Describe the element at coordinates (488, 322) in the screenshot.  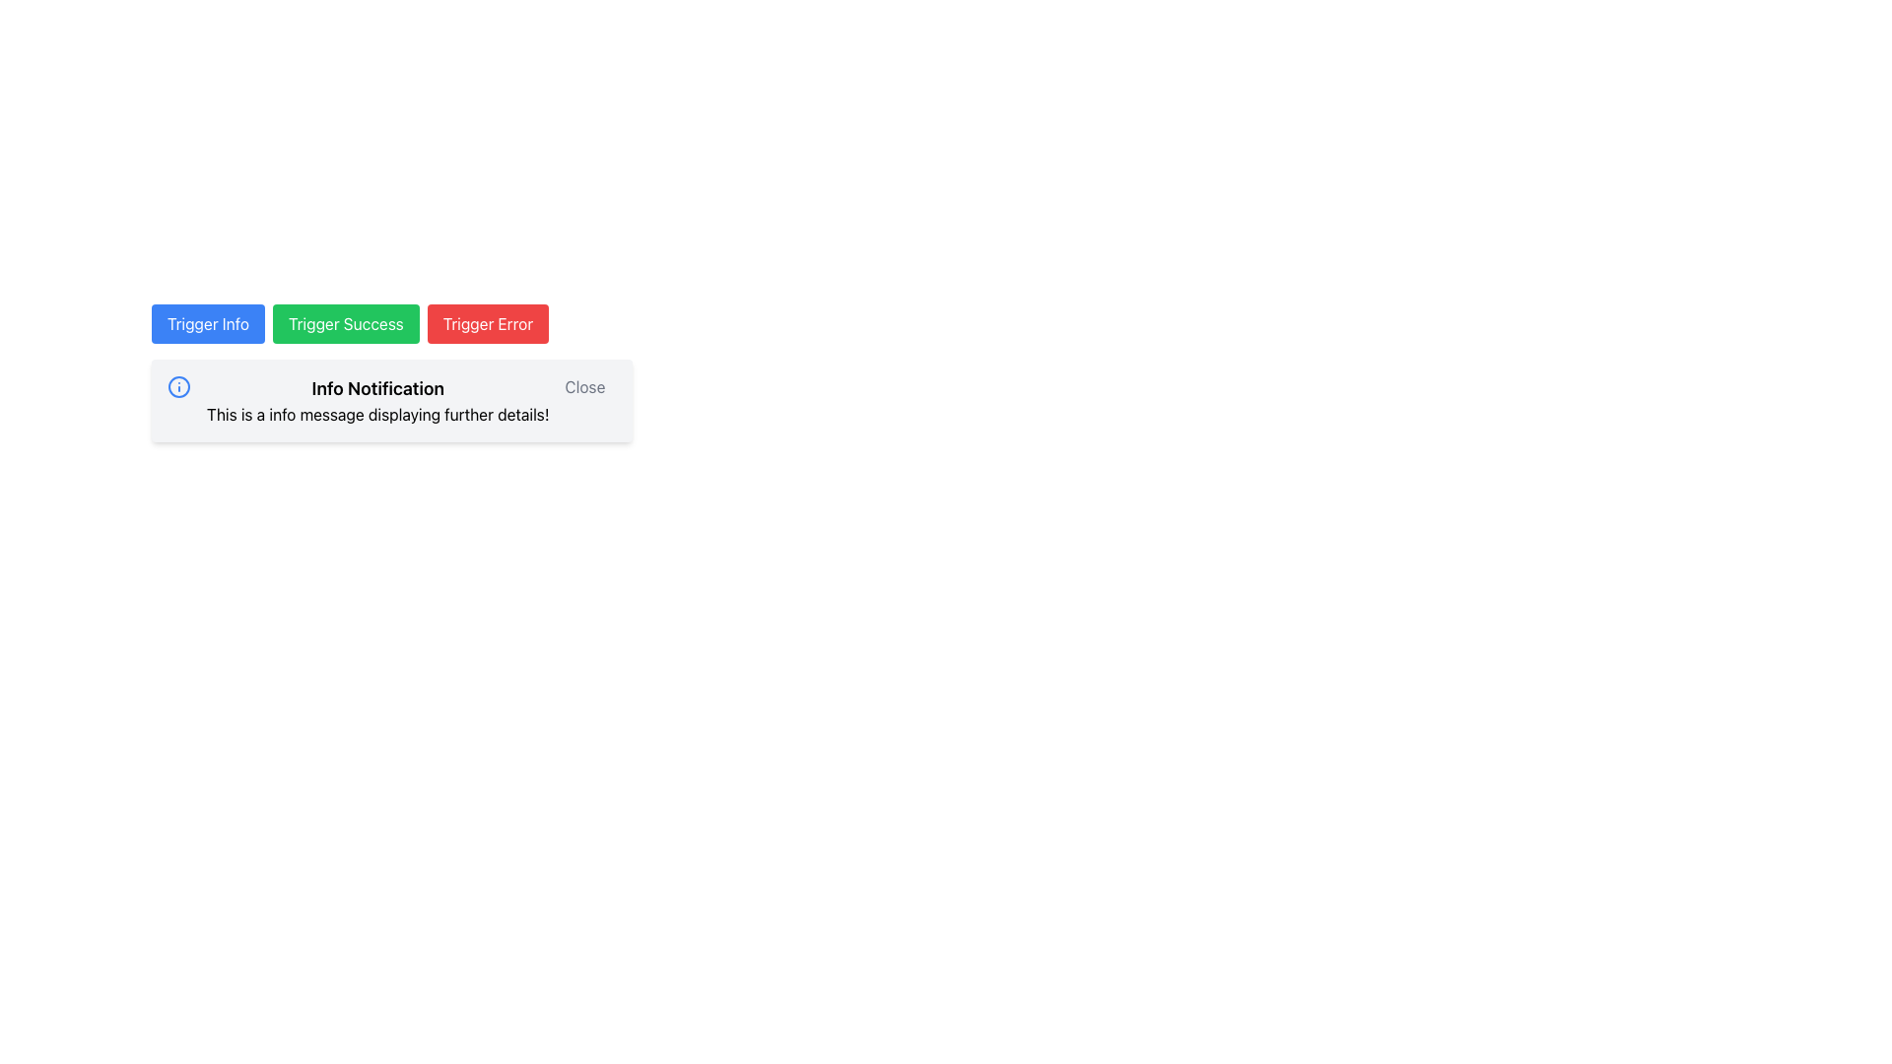
I see `the button labeled 'Trigger Error', which is the third button in a row, to invoke its action` at that location.